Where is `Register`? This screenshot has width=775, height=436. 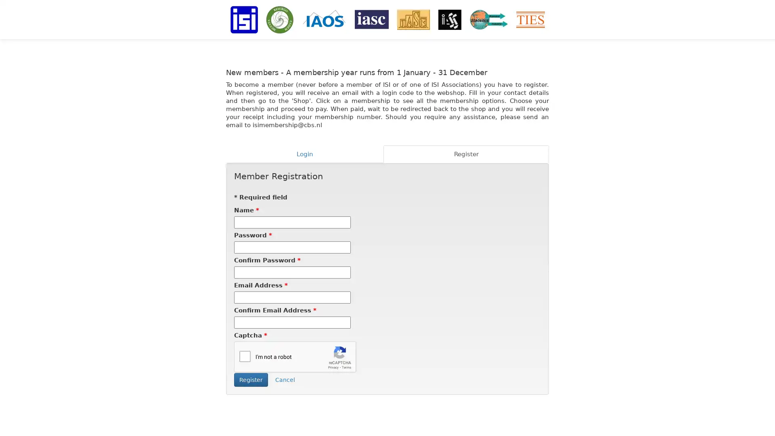 Register is located at coordinates (251, 380).